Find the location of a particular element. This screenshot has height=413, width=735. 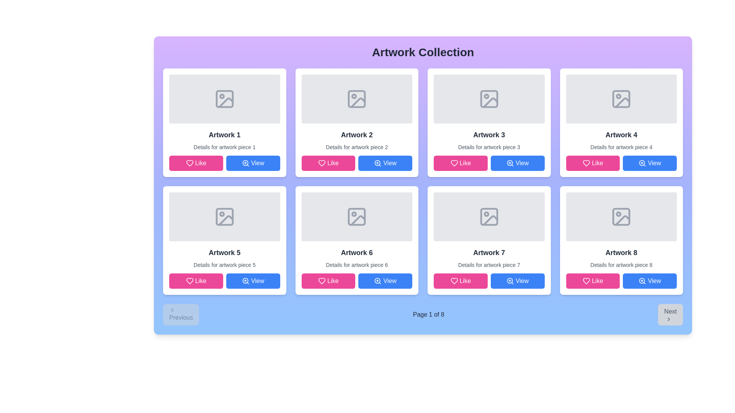

the first button below the image and title for 'Artwork 6' to express liking for the artwork is located at coordinates (328, 281).